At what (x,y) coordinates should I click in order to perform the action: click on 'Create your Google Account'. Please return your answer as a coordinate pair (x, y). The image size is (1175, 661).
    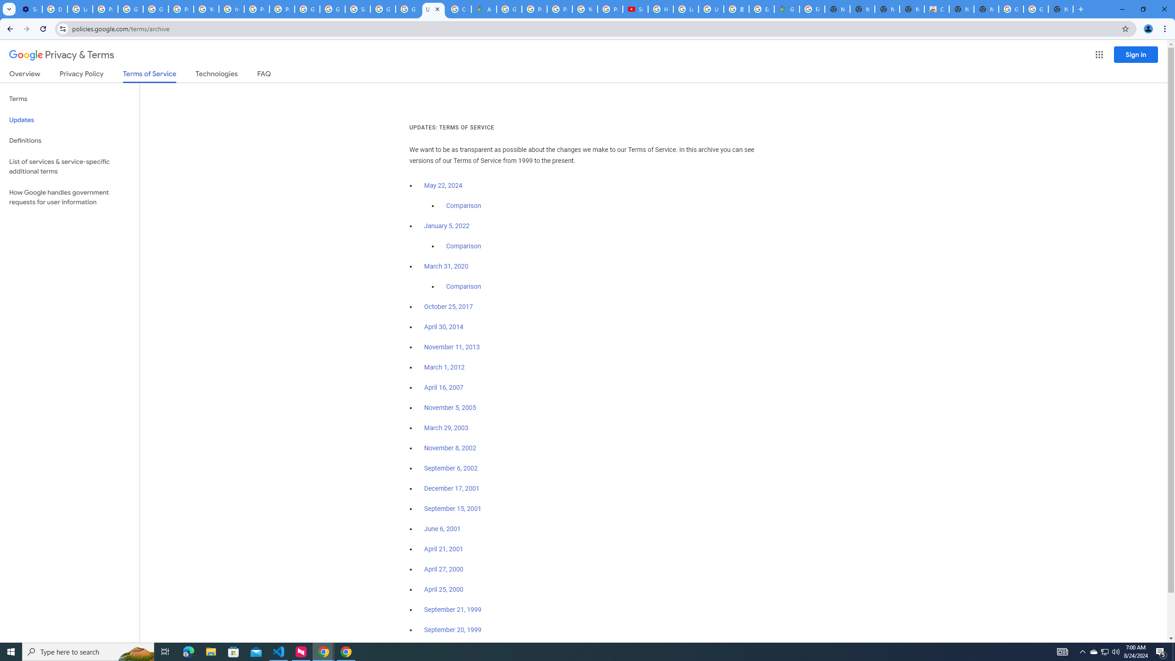
    Looking at the image, I should click on (458, 9).